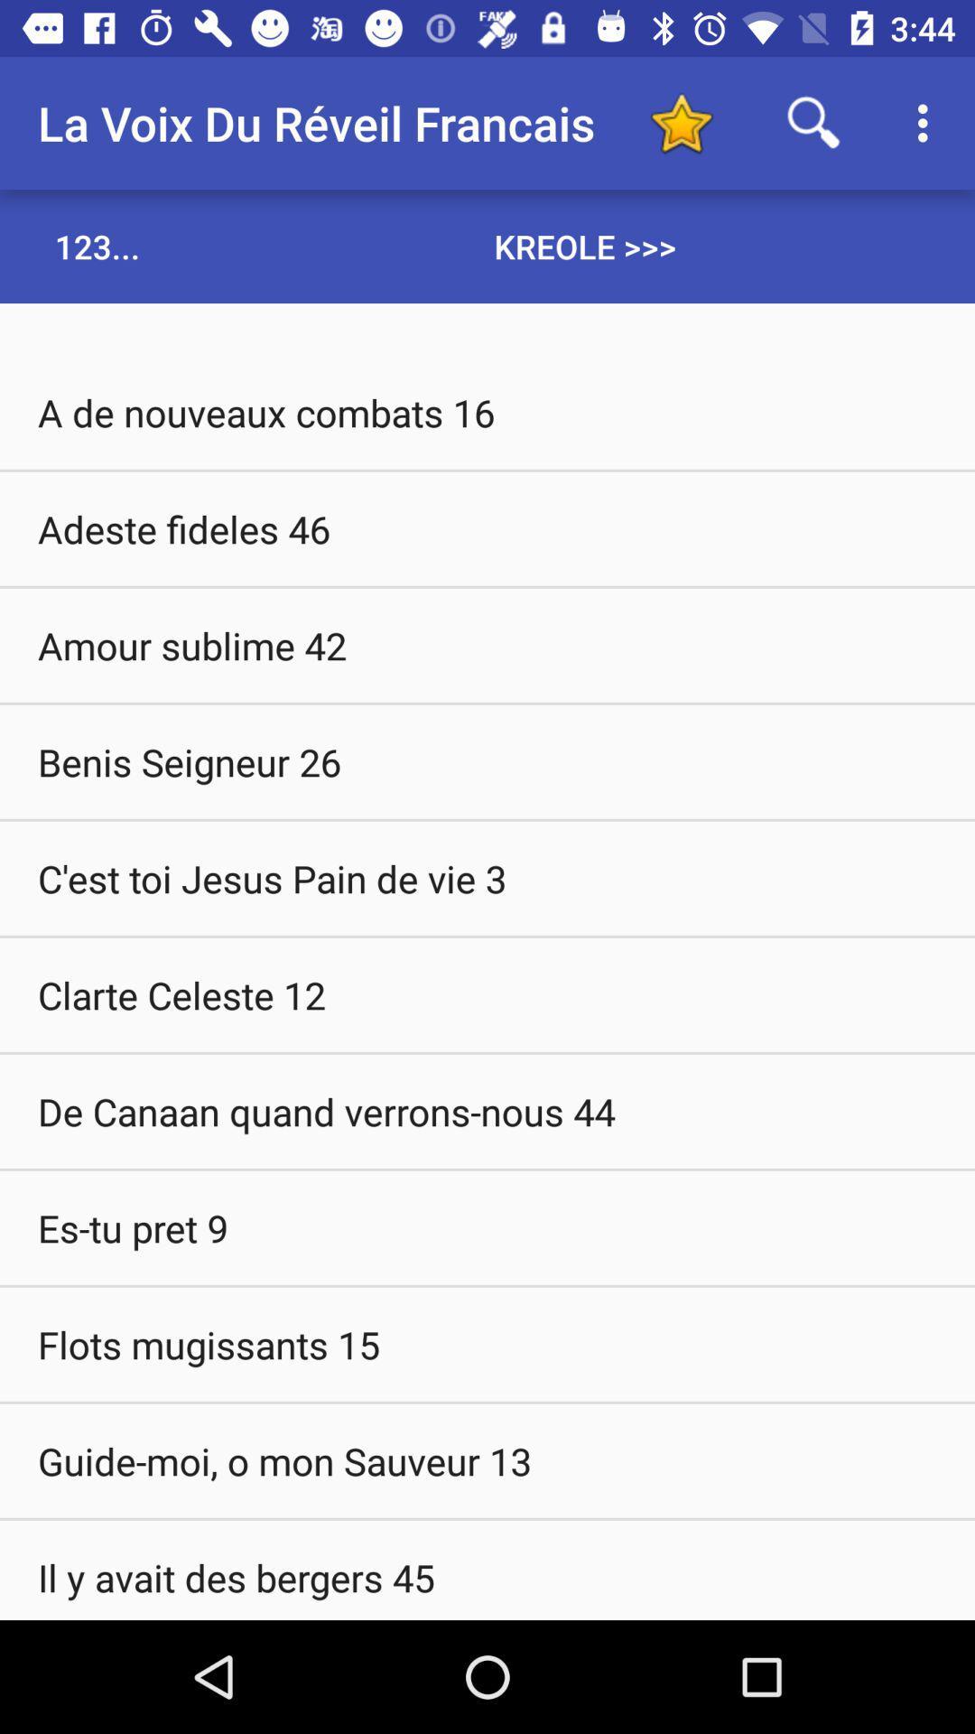 The image size is (975, 1734). Describe the element at coordinates (487, 1344) in the screenshot. I see `the flots mugissants 15` at that location.